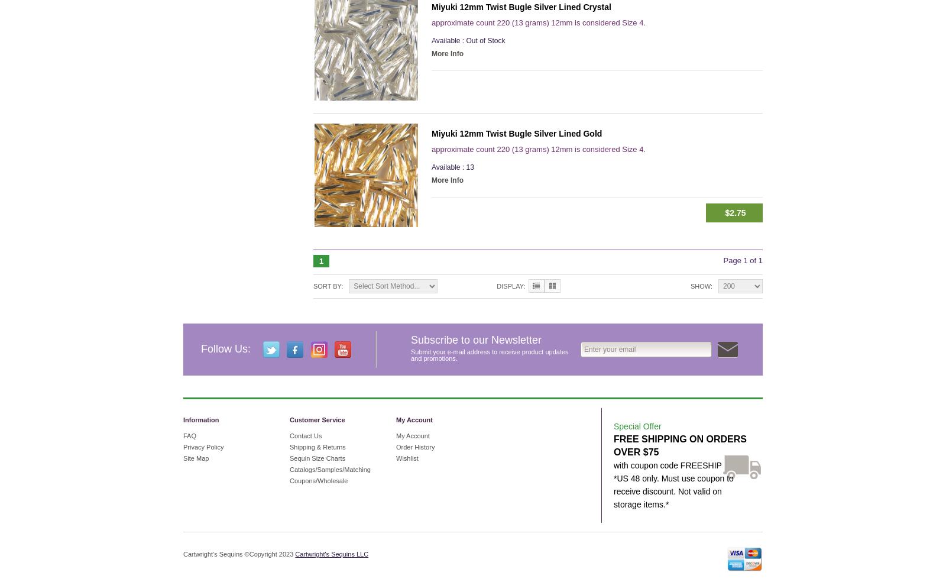  Describe the element at coordinates (312, 286) in the screenshot. I see `'Sort By:'` at that location.